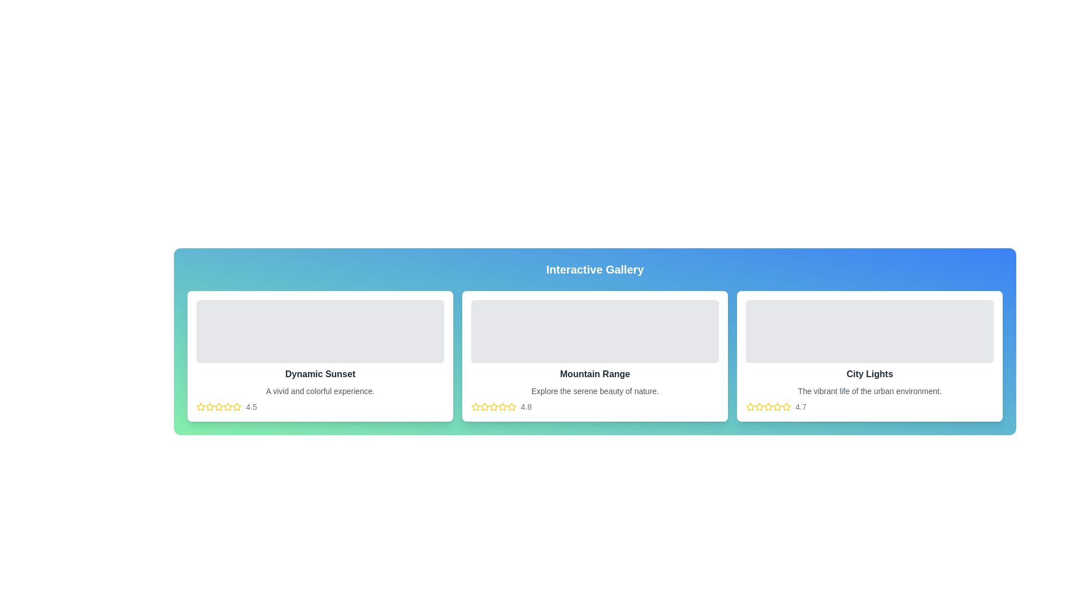 This screenshot has height=608, width=1081. What do you see at coordinates (869, 374) in the screenshot?
I see `title 'City Lights' displayed in bold, dark-gray font, located centrally within the white card below the image placeholder` at bounding box center [869, 374].